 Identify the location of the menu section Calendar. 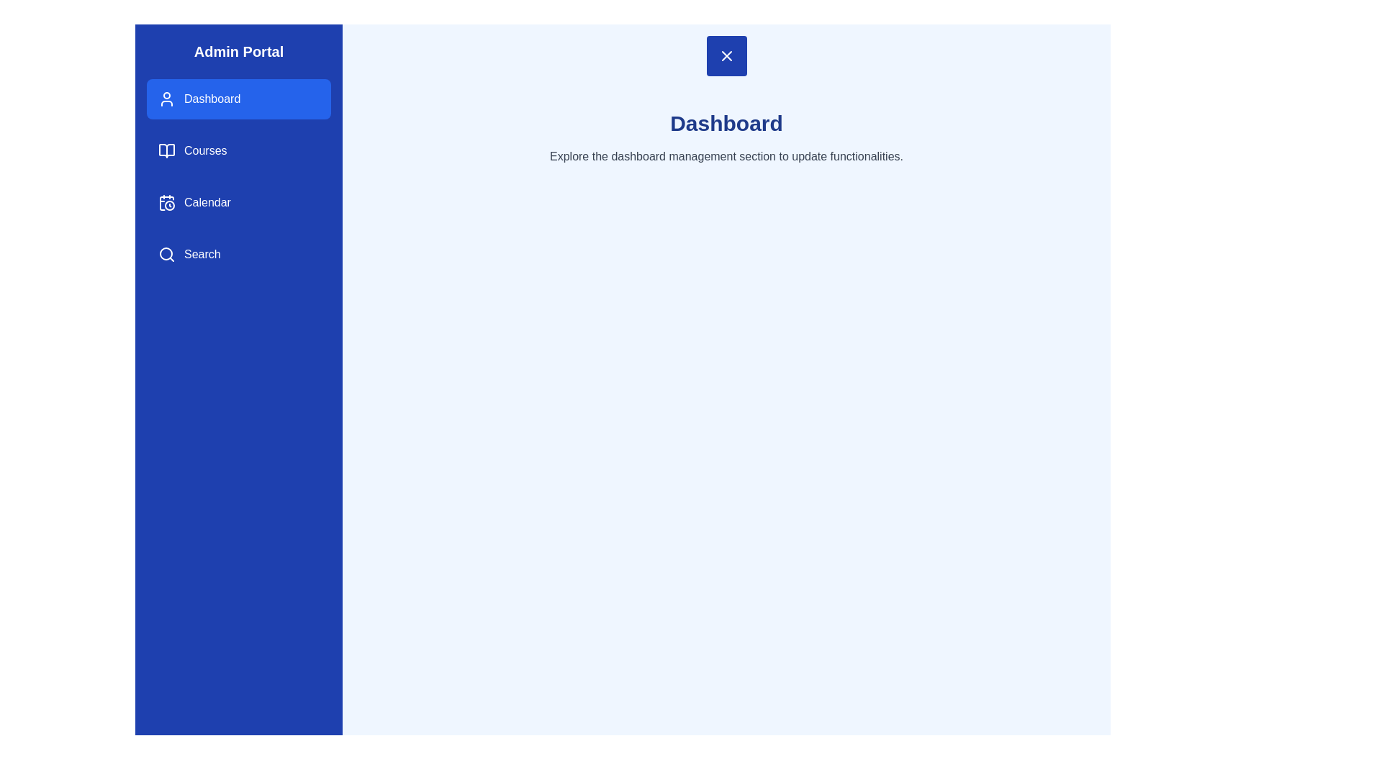
(238, 202).